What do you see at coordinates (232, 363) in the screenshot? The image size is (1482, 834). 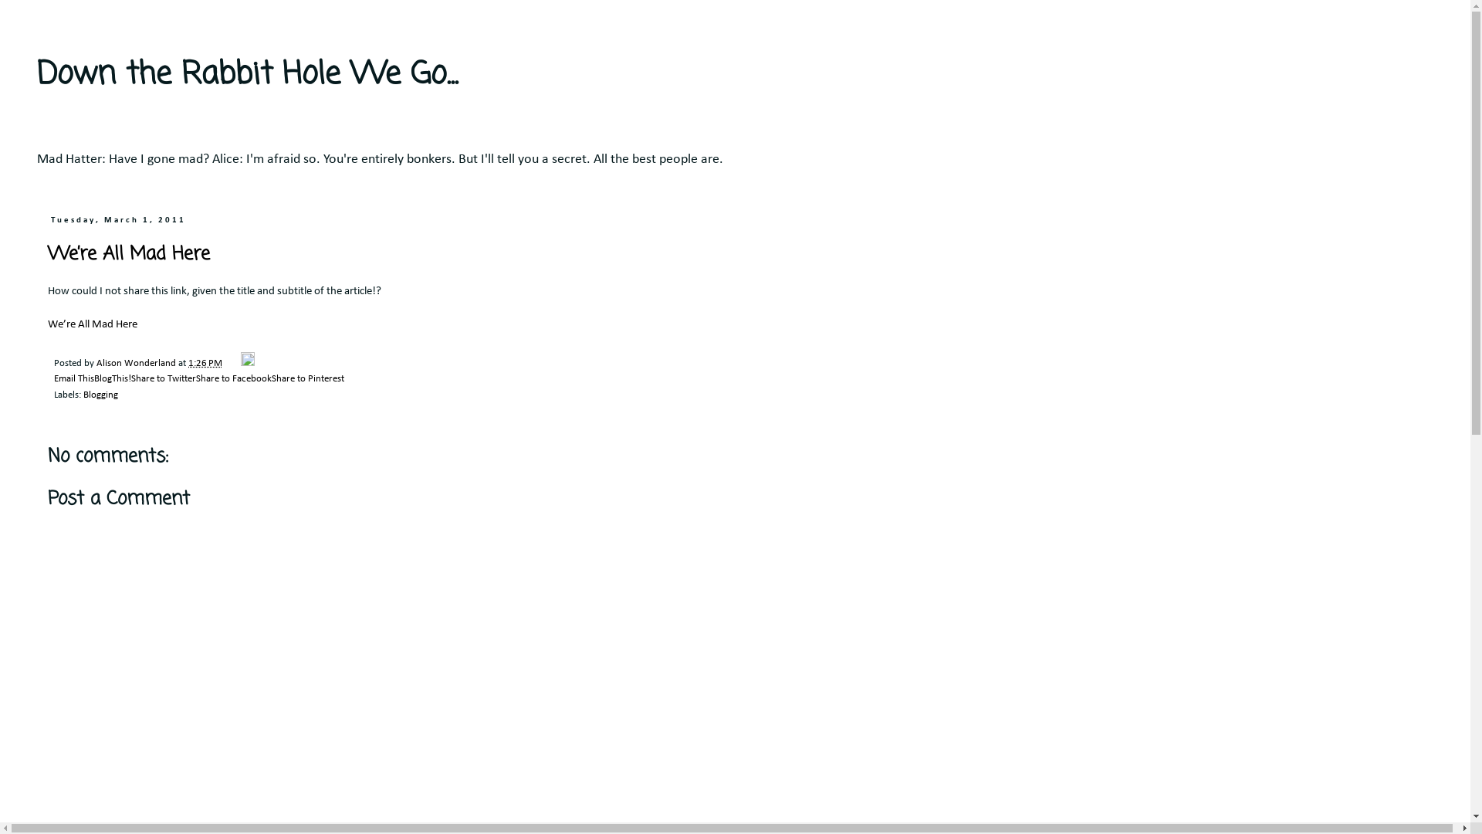 I see `'Email Post'` at bounding box center [232, 363].